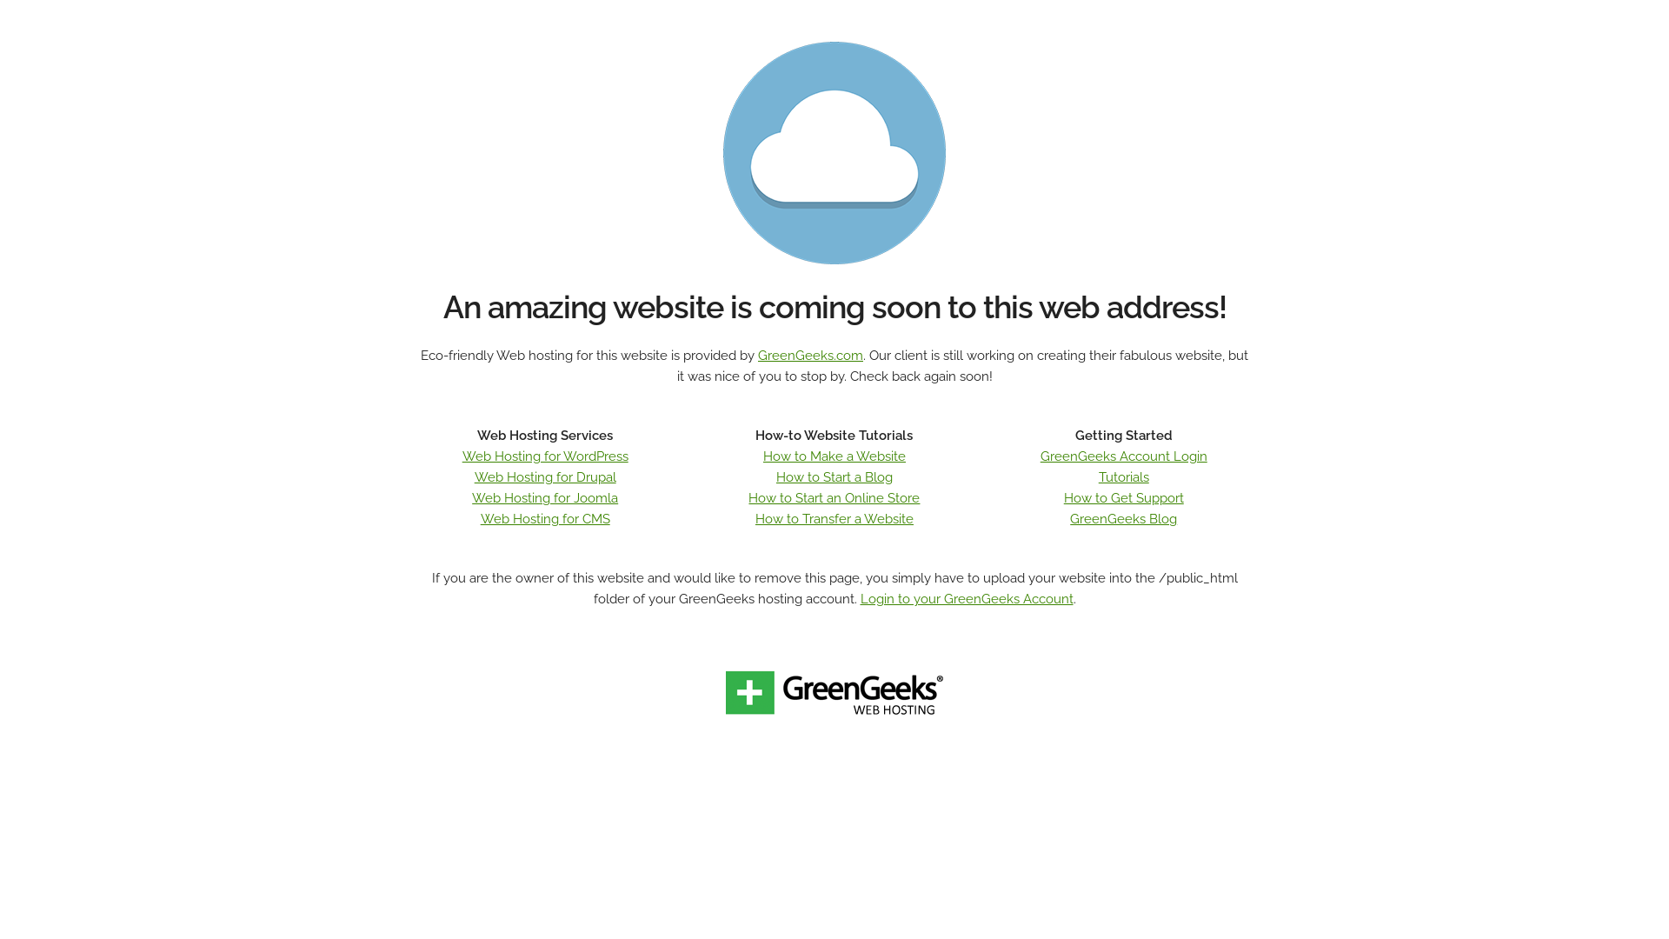  What do you see at coordinates (834, 455) in the screenshot?
I see `'How to Make a Website'` at bounding box center [834, 455].